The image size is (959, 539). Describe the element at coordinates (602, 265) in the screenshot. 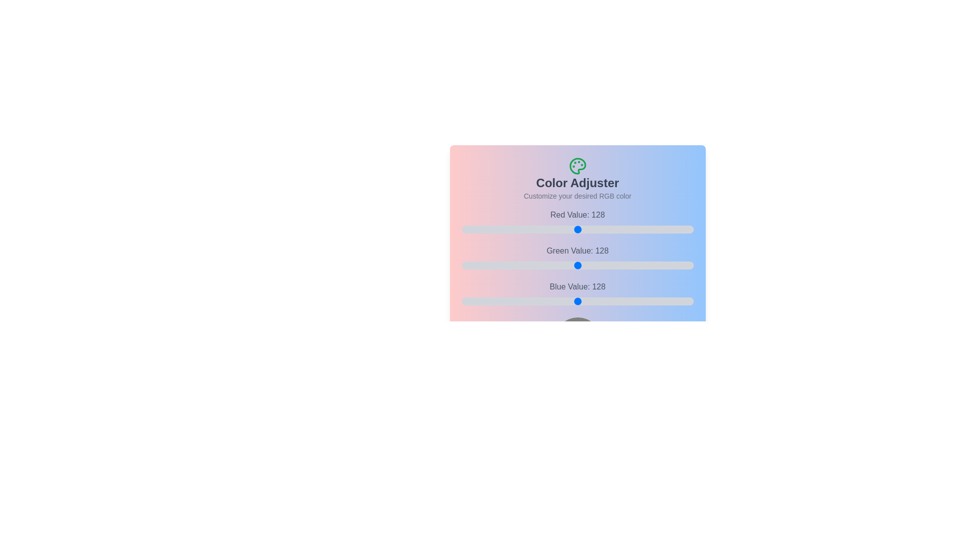

I see `the 1 slider to 56` at that location.